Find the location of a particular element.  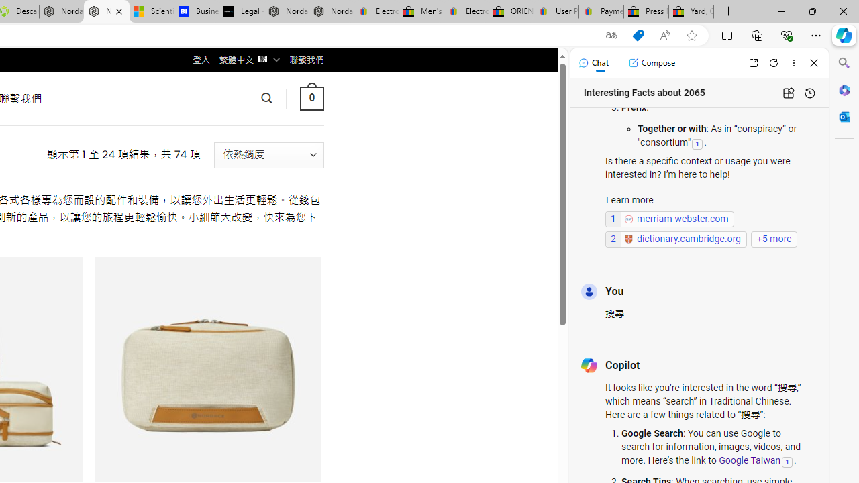

'Compose' is located at coordinates (652, 62).